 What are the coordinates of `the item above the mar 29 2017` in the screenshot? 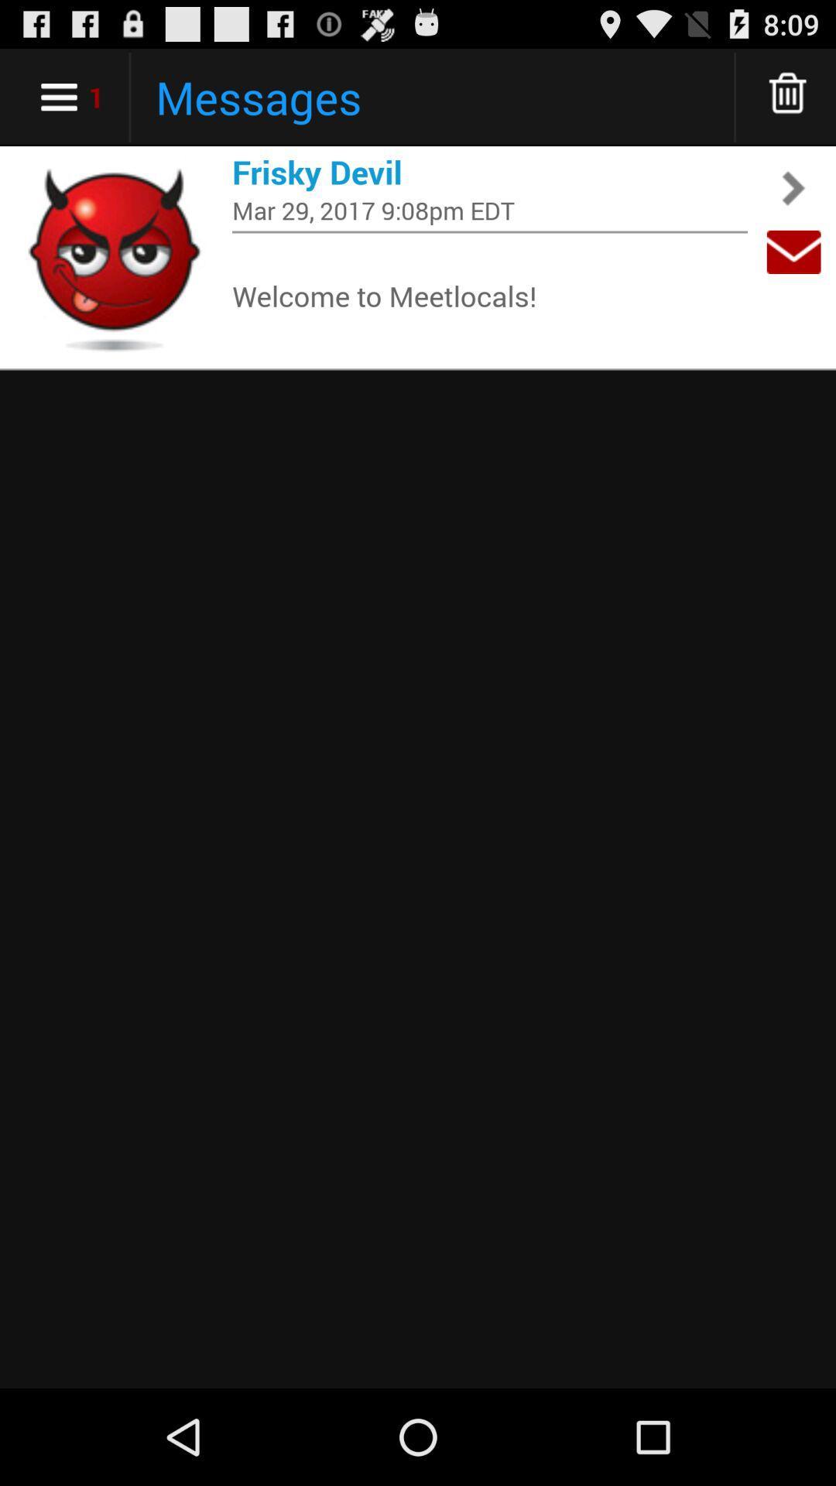 It's located at (489, 172).